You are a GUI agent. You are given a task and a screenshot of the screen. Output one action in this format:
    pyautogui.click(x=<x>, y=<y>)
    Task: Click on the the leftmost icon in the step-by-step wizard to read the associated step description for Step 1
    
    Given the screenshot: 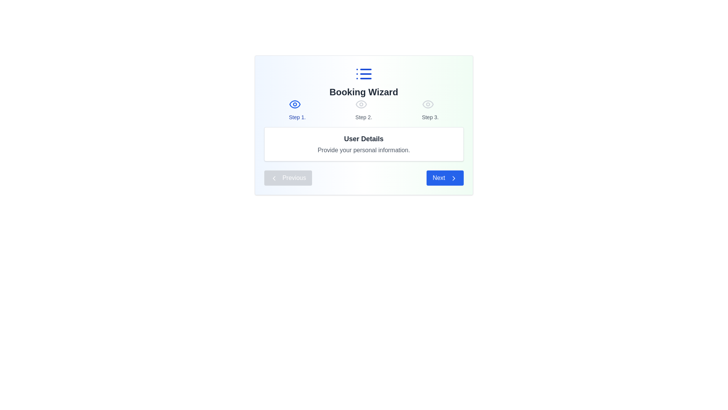 What is the action you would take?
    pyautogui.click(x=294, y=104)
    